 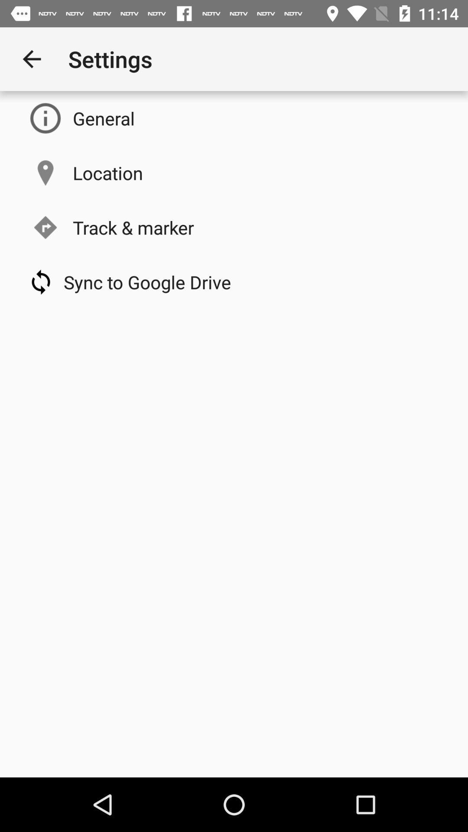 I want to click on icon below the location, so click(x=133, y=227).